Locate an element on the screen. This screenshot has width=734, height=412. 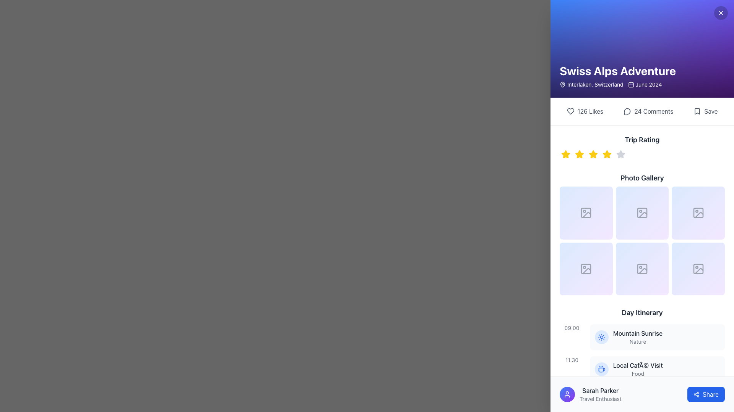
the Component placeholder in the second row and first column of the Photo Gallery grid is located at coordinates (586, 269).